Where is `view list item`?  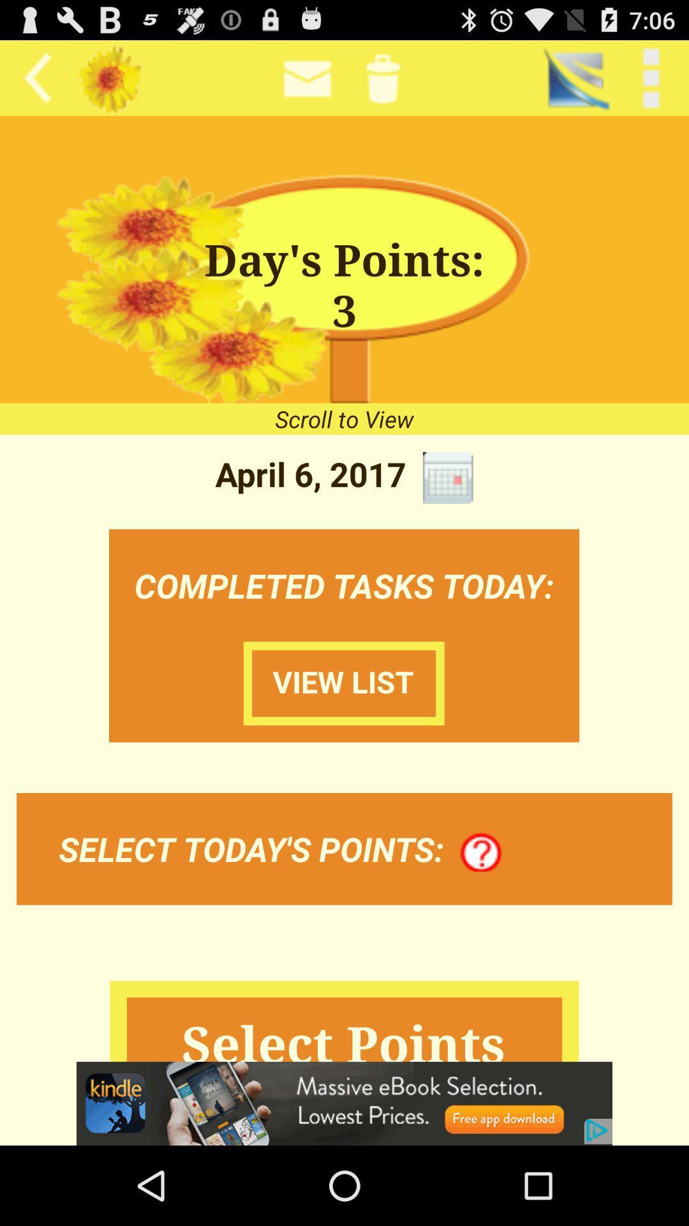 view list item is located at coordinates (343, 683).